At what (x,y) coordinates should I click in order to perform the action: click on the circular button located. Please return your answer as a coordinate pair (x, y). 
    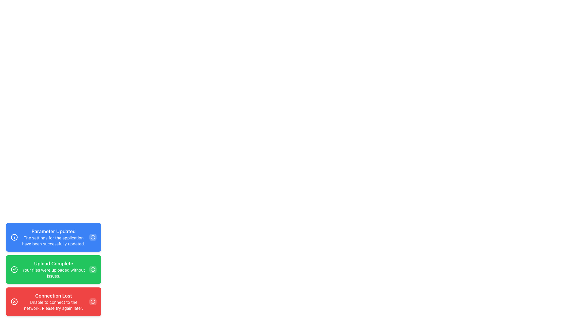
    Looking at the image, I should click on (93, 301).